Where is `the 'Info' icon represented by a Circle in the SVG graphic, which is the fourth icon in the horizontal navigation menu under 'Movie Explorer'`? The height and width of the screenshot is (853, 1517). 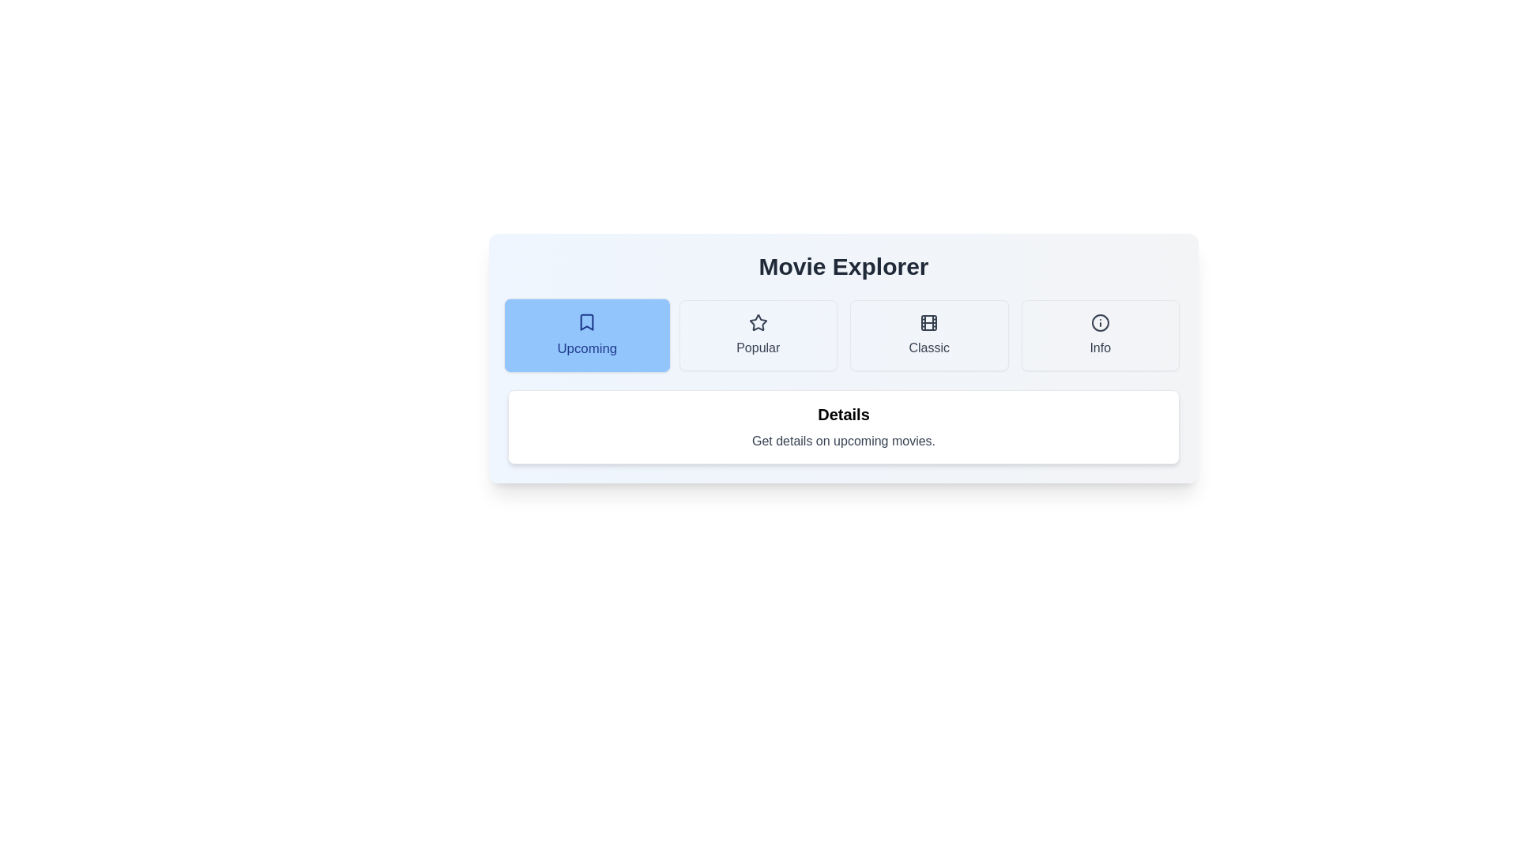 the 'Info' icon represented by a Circle in the SVG graphic, which is the fourth icon in the horizontal navigation menu under 'Movie Explorer' is located at coordinates (1099, 321).